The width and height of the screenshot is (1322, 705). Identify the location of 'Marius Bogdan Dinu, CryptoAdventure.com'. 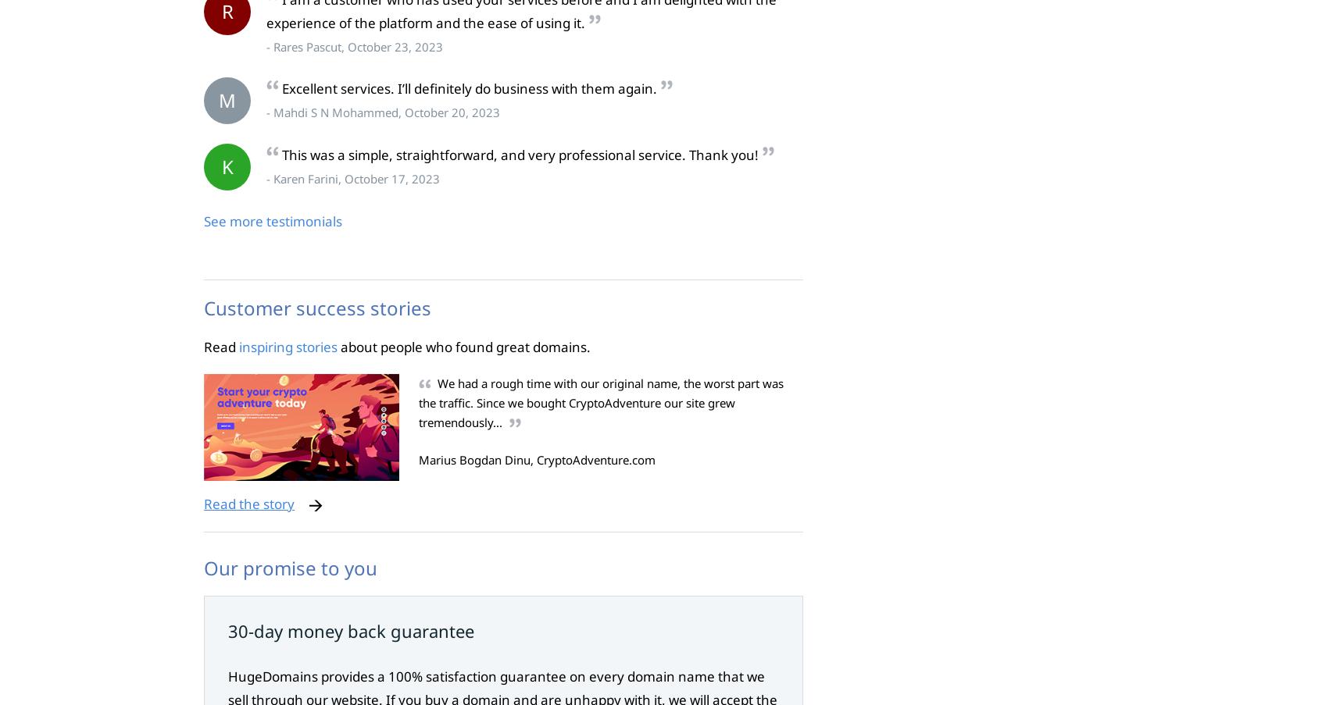
(537, 460).